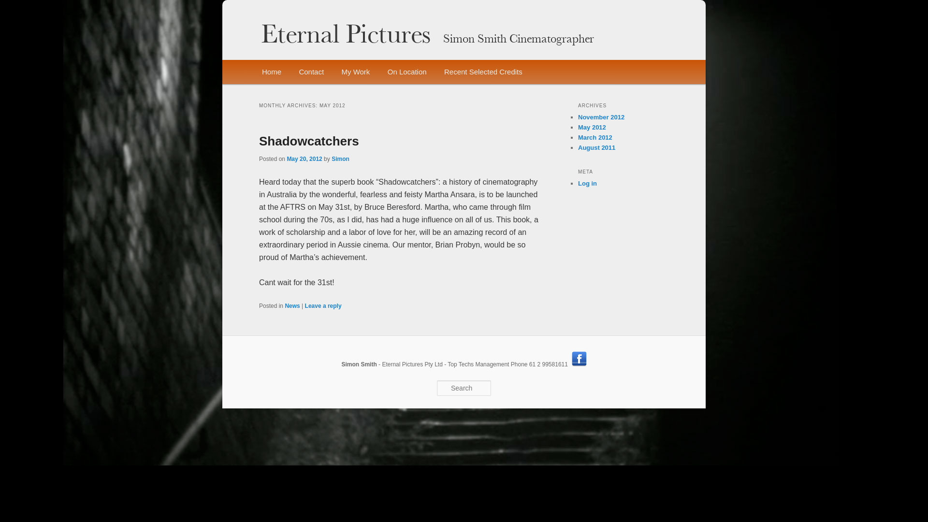 This screenshot has width=928, height=522. What do you see at coordinates (596, 147) in the screenshot?
I see `'August 2011'` at bounding box center [596, 147].